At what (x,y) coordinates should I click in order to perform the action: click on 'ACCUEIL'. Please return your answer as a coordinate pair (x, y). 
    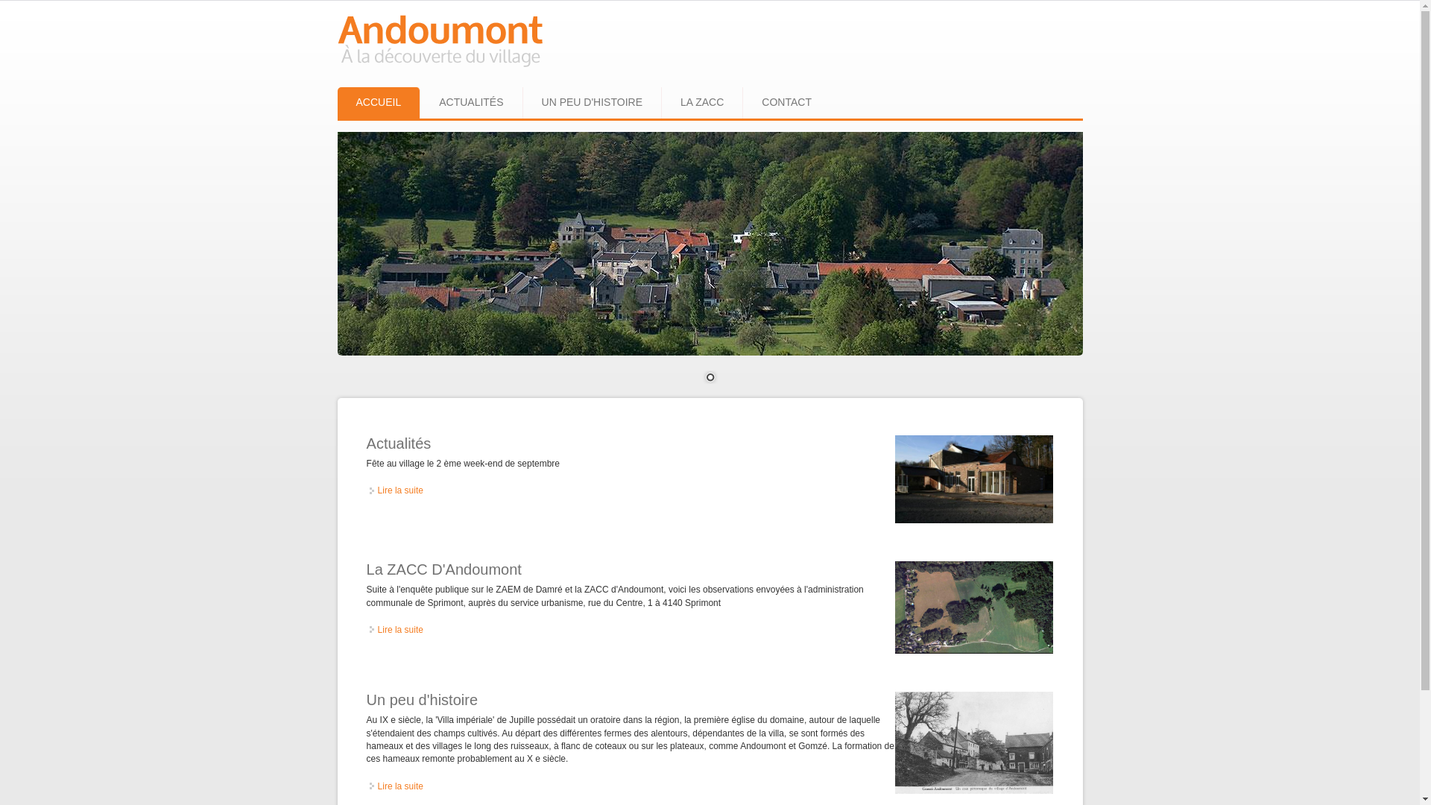
    Looking at the image, I should click on (379, 101).